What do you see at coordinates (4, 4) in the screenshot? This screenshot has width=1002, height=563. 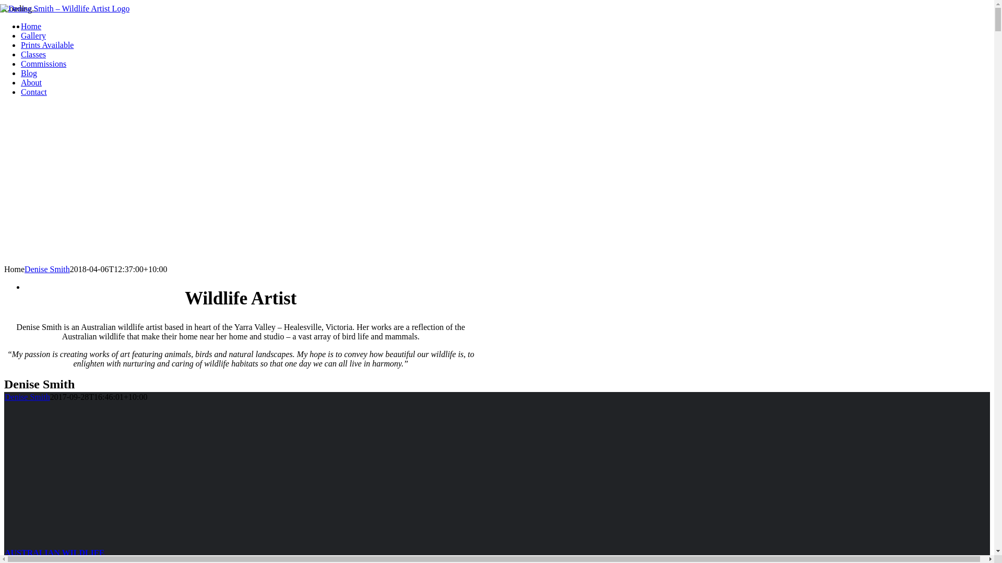 I see `'Skip to content'` at bounding box center [4, 4].